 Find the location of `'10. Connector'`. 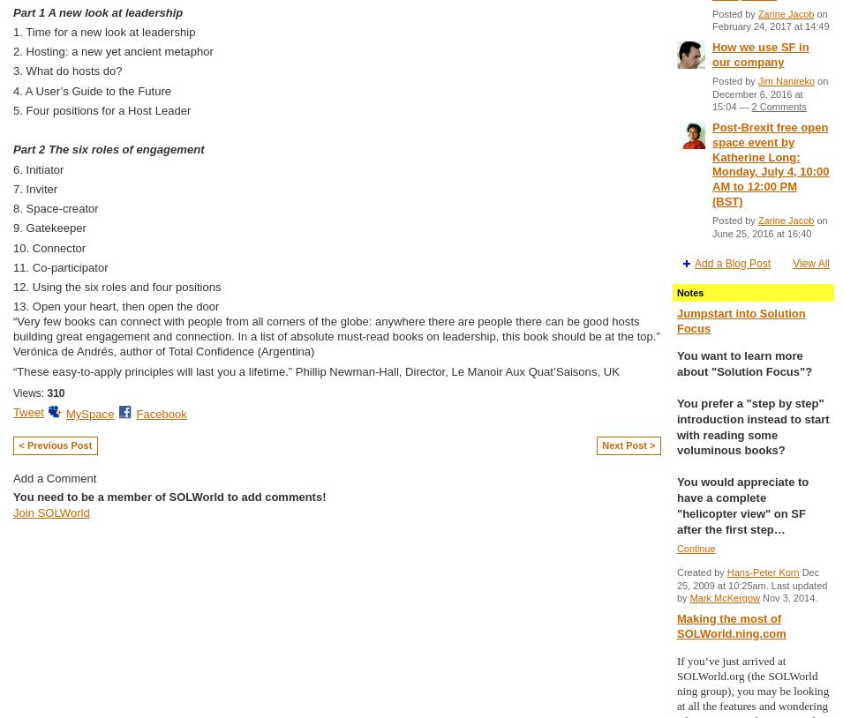

'10. Connector' is located at coordinates (11, 247).